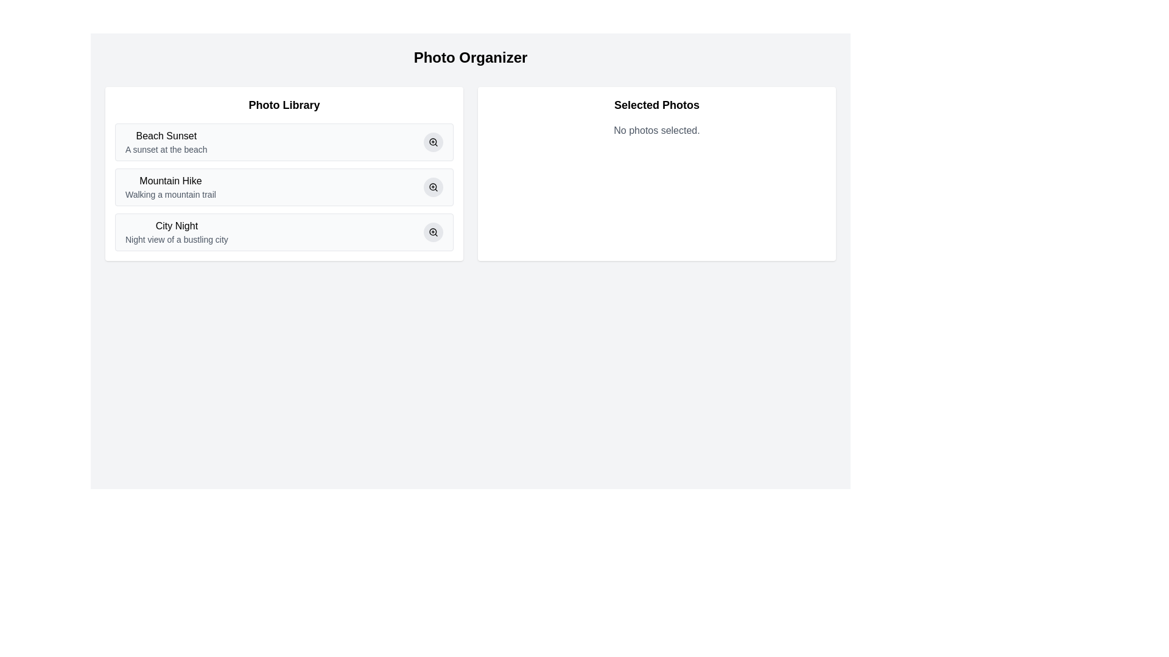 The image size is (1169, 657). I want to click on the label text 'This Text allows users to:' located in the third row of the Photo Library section, positioned in the left half of the UI interface, so click(176, 226).